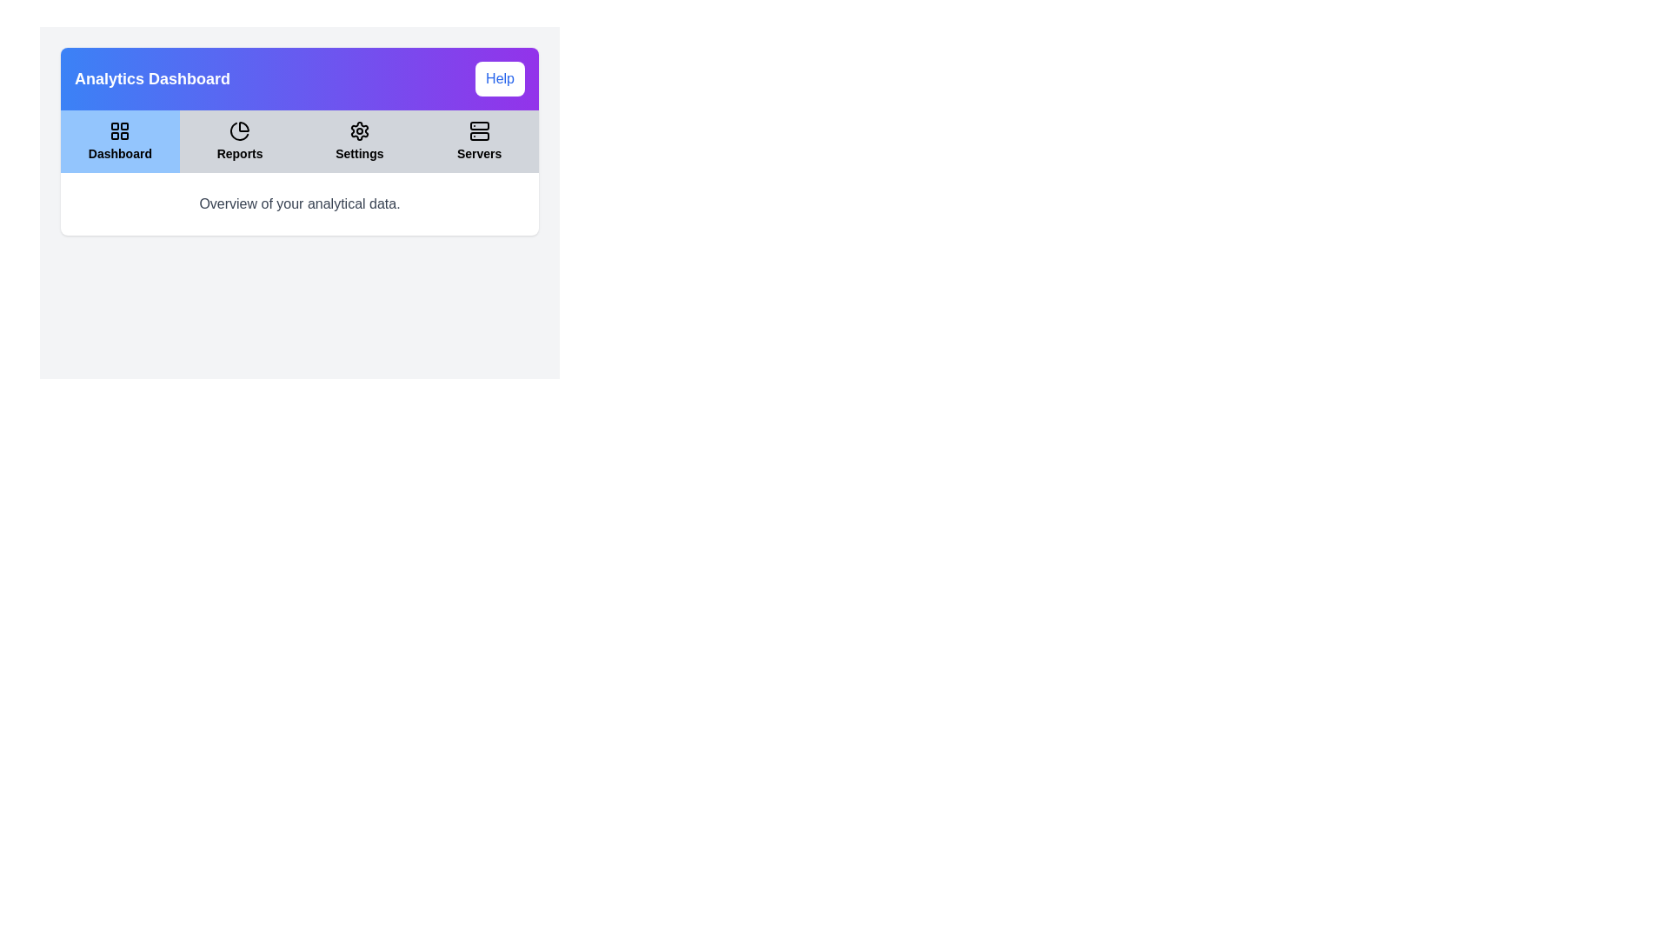 This screenshot has height=939, width=1669. I want to click on the small rectangular shape located in the bottom section of the server icon, which is the second of two vertically stacked rectangles, so click(479, 136).